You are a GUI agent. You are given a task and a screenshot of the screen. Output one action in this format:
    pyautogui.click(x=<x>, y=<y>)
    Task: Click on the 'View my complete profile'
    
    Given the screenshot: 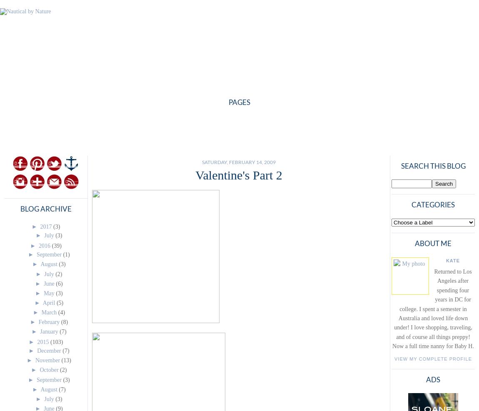 What is the action you would take?
    pyautogui.click(x=394, y=358)
    